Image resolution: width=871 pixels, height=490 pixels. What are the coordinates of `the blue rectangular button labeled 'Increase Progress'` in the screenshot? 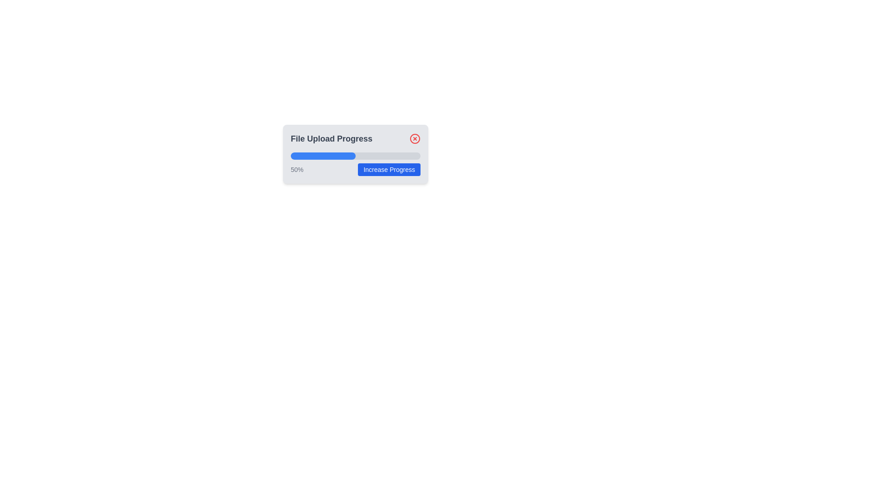 It's located at (389, 170).